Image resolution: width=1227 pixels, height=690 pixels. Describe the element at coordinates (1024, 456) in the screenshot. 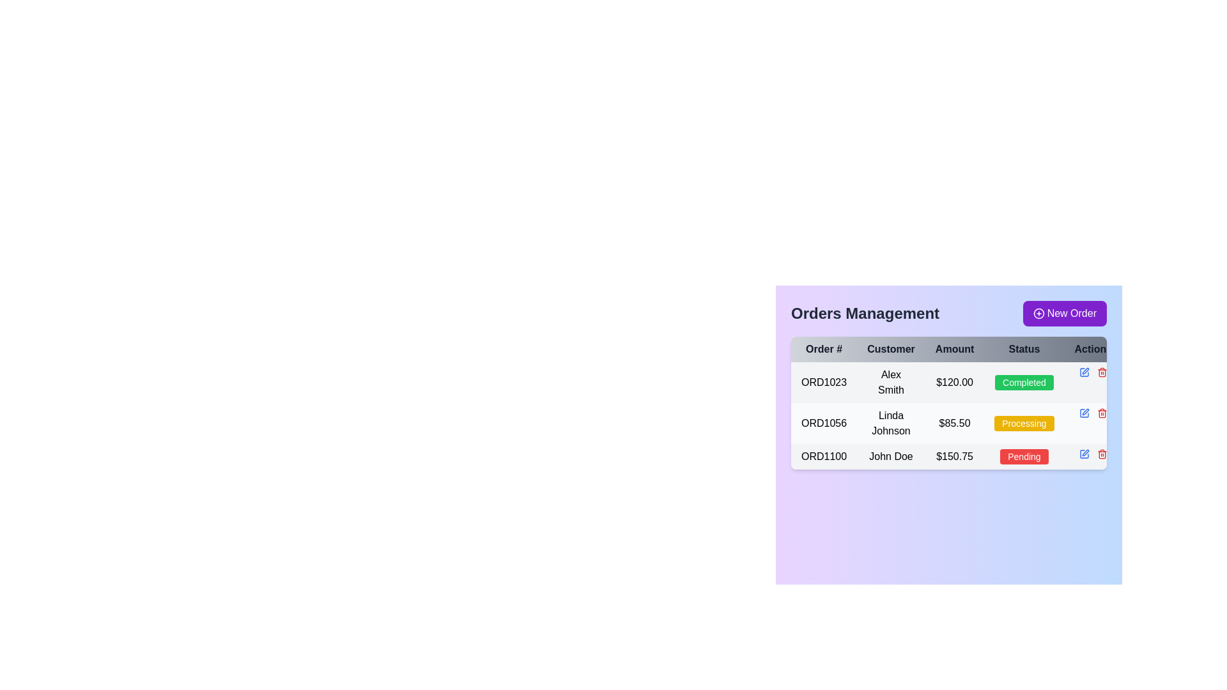

I see `the non-interactive 'Pending' status badge for the order 'ORD1100 / John Doe / $150.75', which is located in the fourth column of the row displaying order information` at that location.